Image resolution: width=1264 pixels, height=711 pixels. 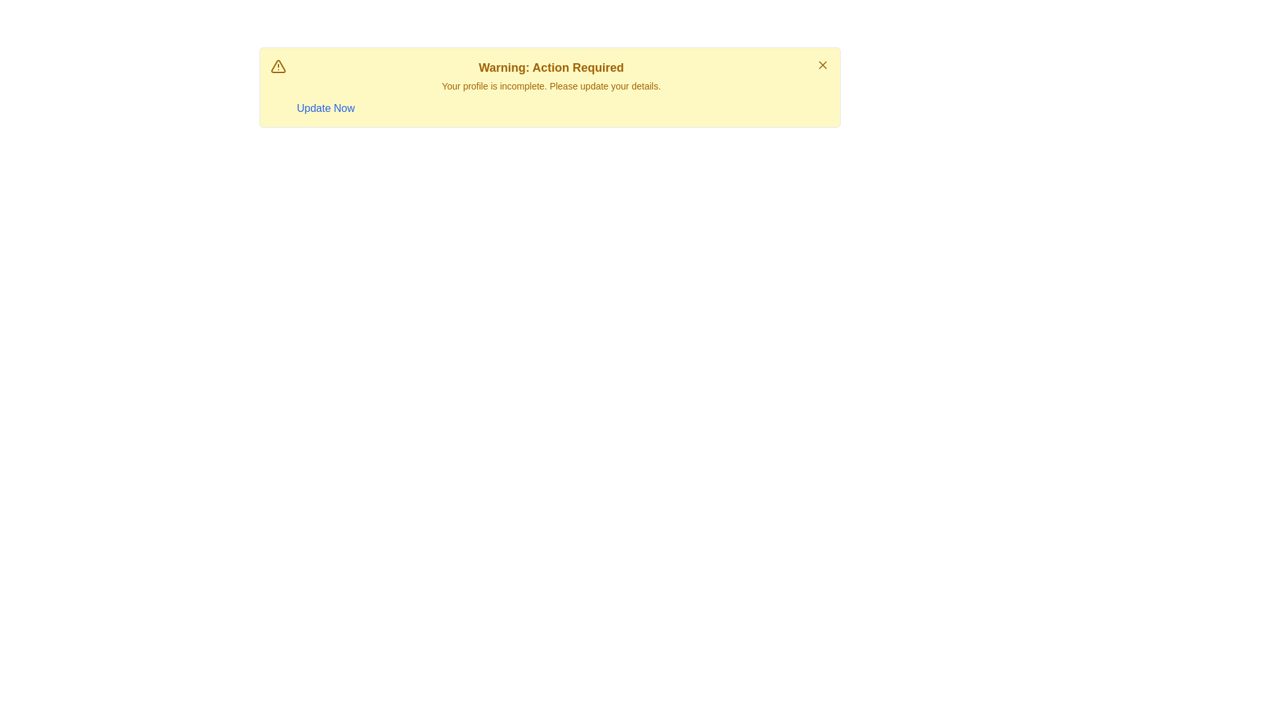 What do you see at coordinates (822, 65) in the screenshot?
I see `the 'X' button located in the top-right corner of the yellow warning message box` at bounding box center [822, 65].